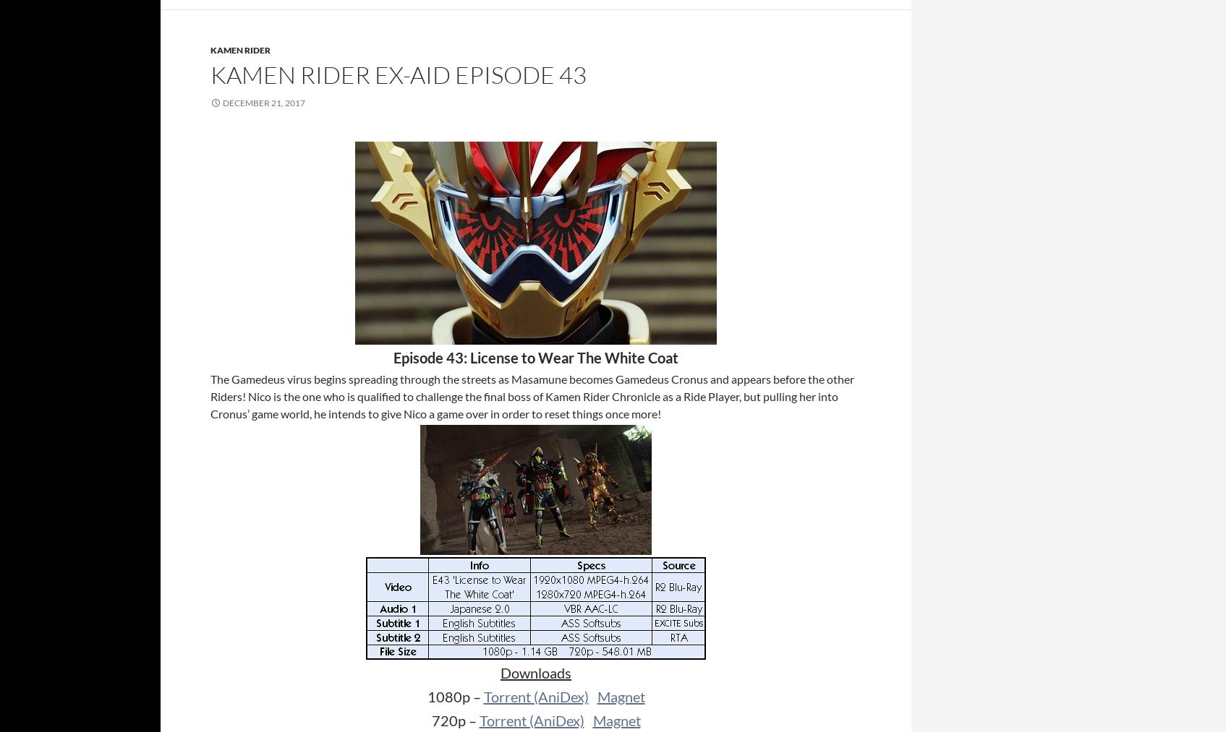 The width and height of the screenshot is (1226, 732). I want to click on '720p –', so click(454, 720).